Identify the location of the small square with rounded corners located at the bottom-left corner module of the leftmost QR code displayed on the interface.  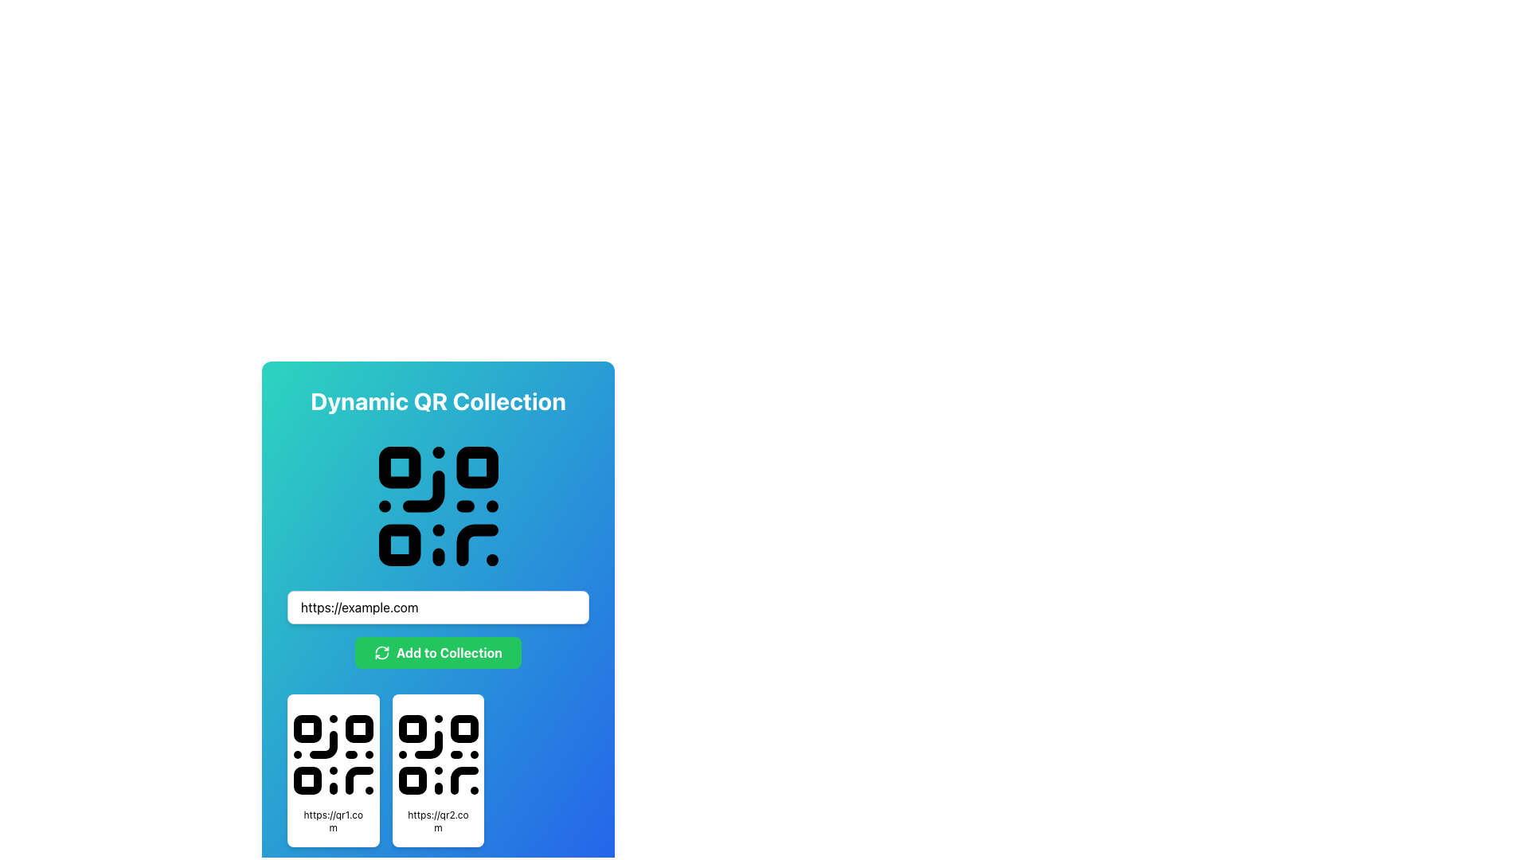
(307, 780).